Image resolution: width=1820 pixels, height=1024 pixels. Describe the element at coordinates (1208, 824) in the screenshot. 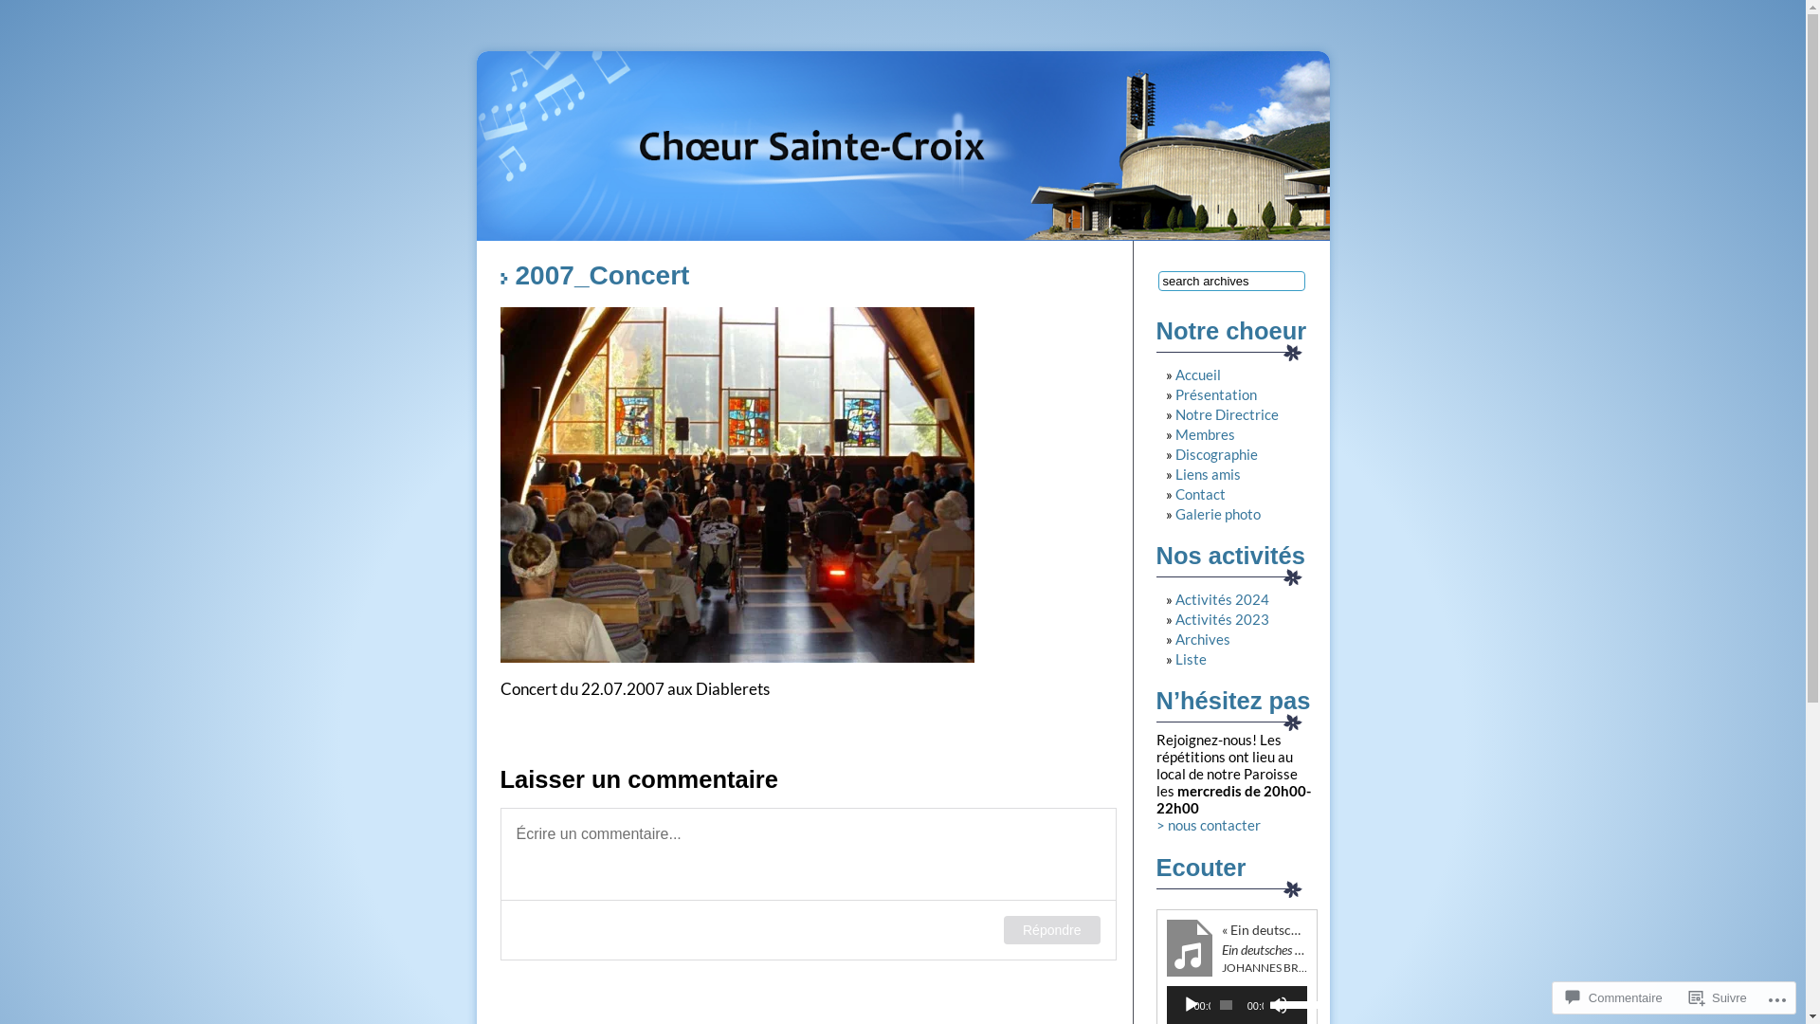

I see `'> nous contacter'` at that location.